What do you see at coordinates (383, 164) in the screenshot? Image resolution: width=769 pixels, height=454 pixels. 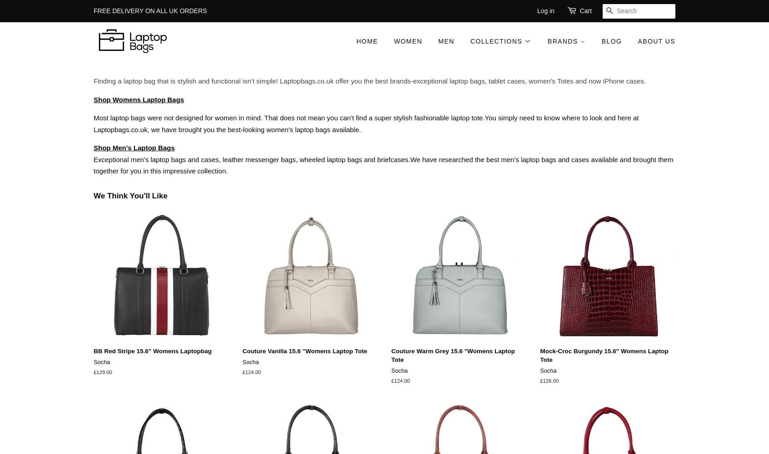 I see `'Exceptional men's laptop bags and cases, leather messenger bags, wheeled laptop bags and briefcases.We have researched the best men's laptop bags and cases available and brought them together for you in this impressive collection.'` at bounding box center [383, 164].